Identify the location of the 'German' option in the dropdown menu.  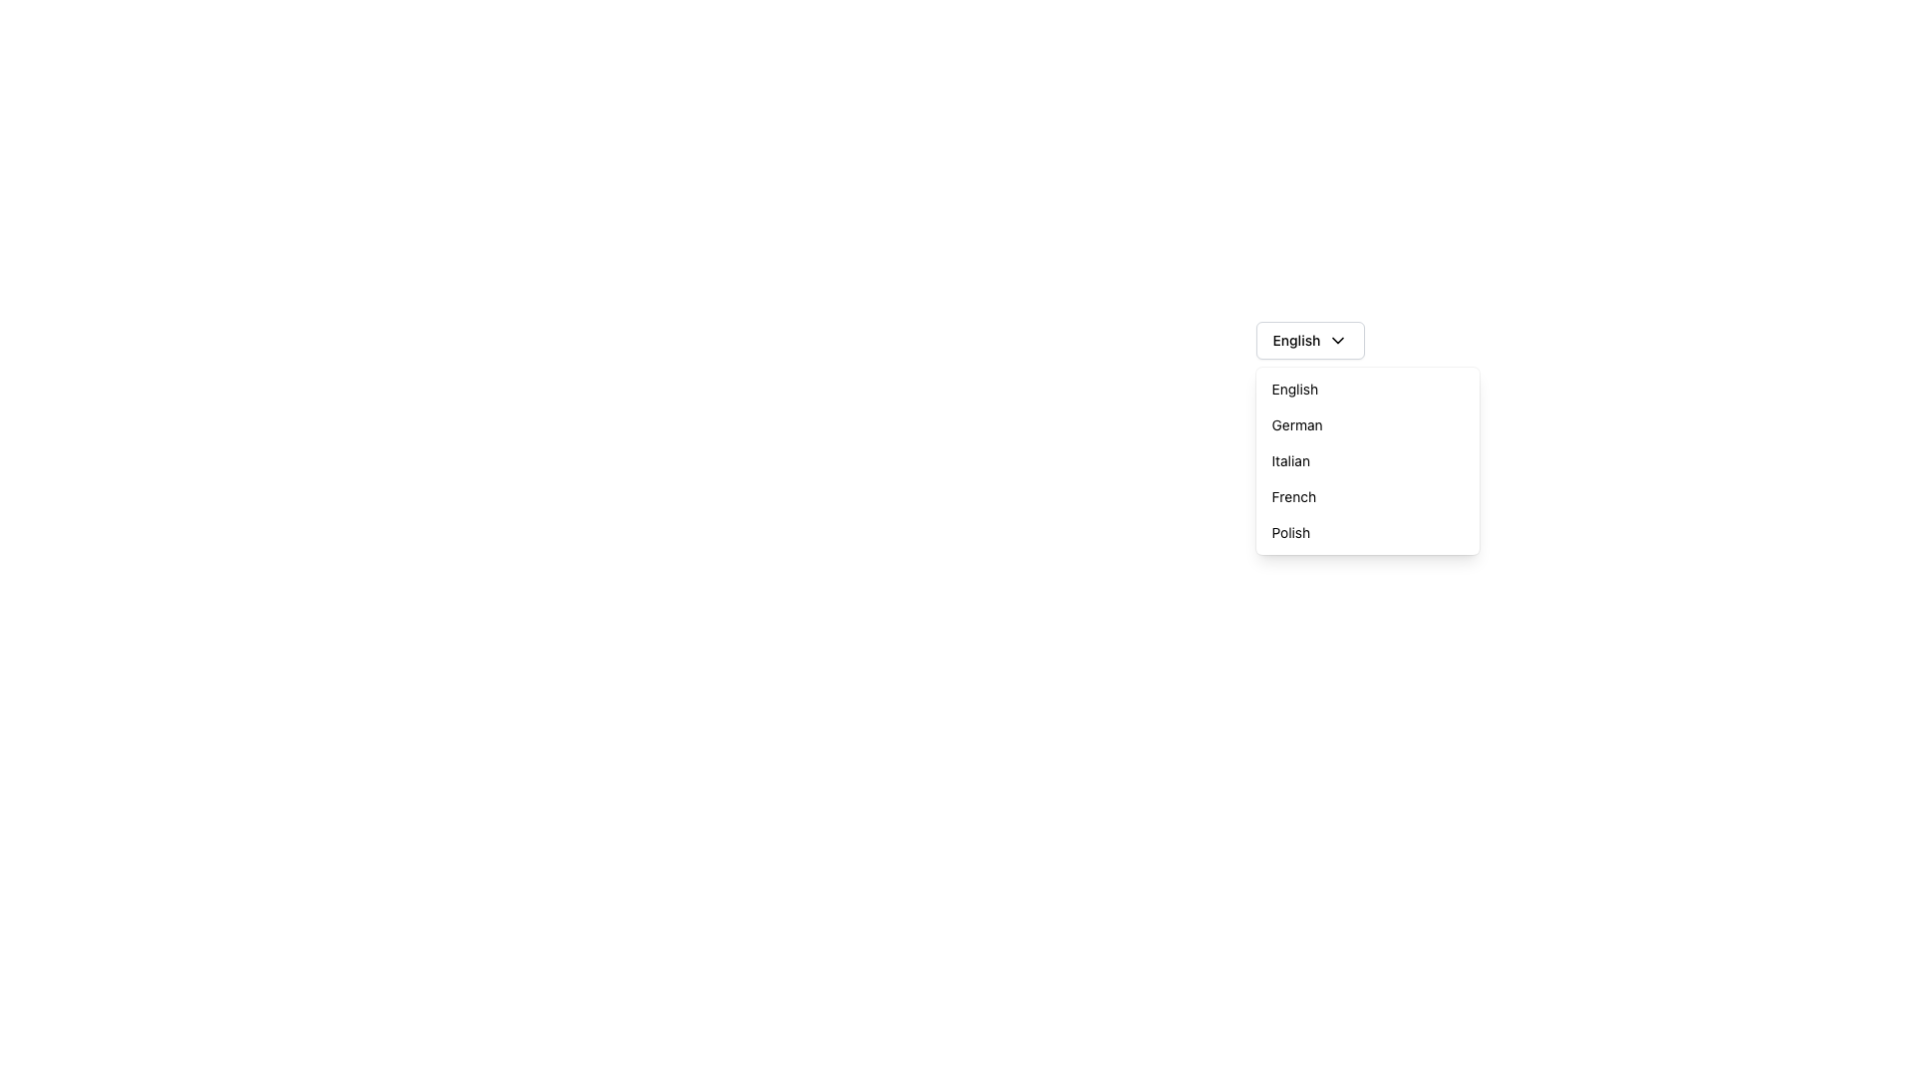
(1366, 424).